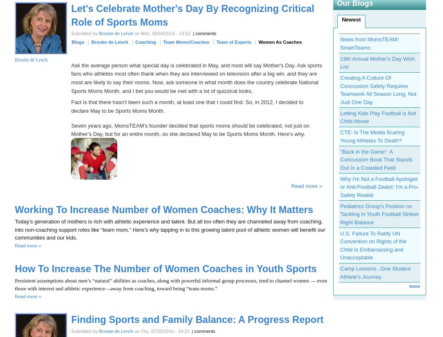 Image resolution: width=443 pixels, height=337 pixels. Describe the element at coordinates (197, 319) in the screenshot. I see `'Finding Sports and Family Balance: A Progress Report'` at that location.